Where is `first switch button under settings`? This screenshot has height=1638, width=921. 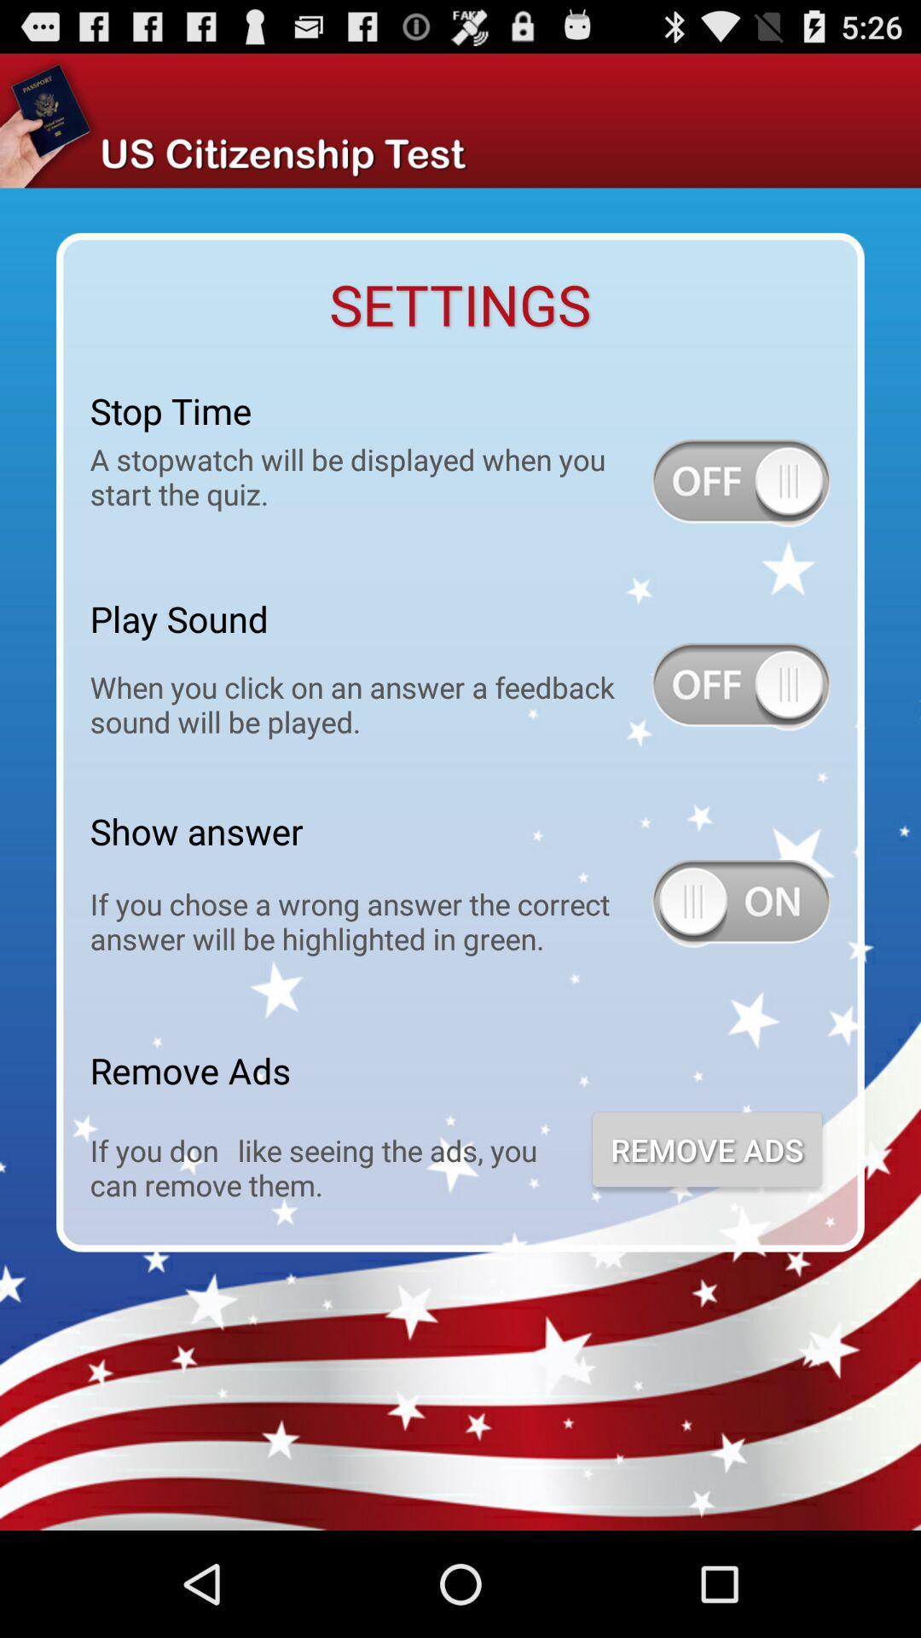 first switch button under settings is located at coordinates (739, 482).